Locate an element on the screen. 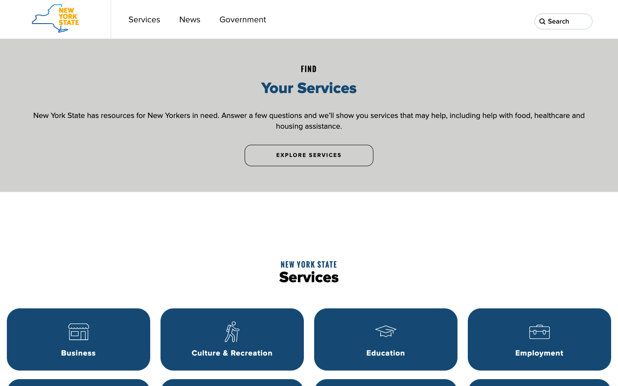 The height and width of the screenshot is (386, 618). Utilize the search feature to find "bank is located at coordinates (585, 21).